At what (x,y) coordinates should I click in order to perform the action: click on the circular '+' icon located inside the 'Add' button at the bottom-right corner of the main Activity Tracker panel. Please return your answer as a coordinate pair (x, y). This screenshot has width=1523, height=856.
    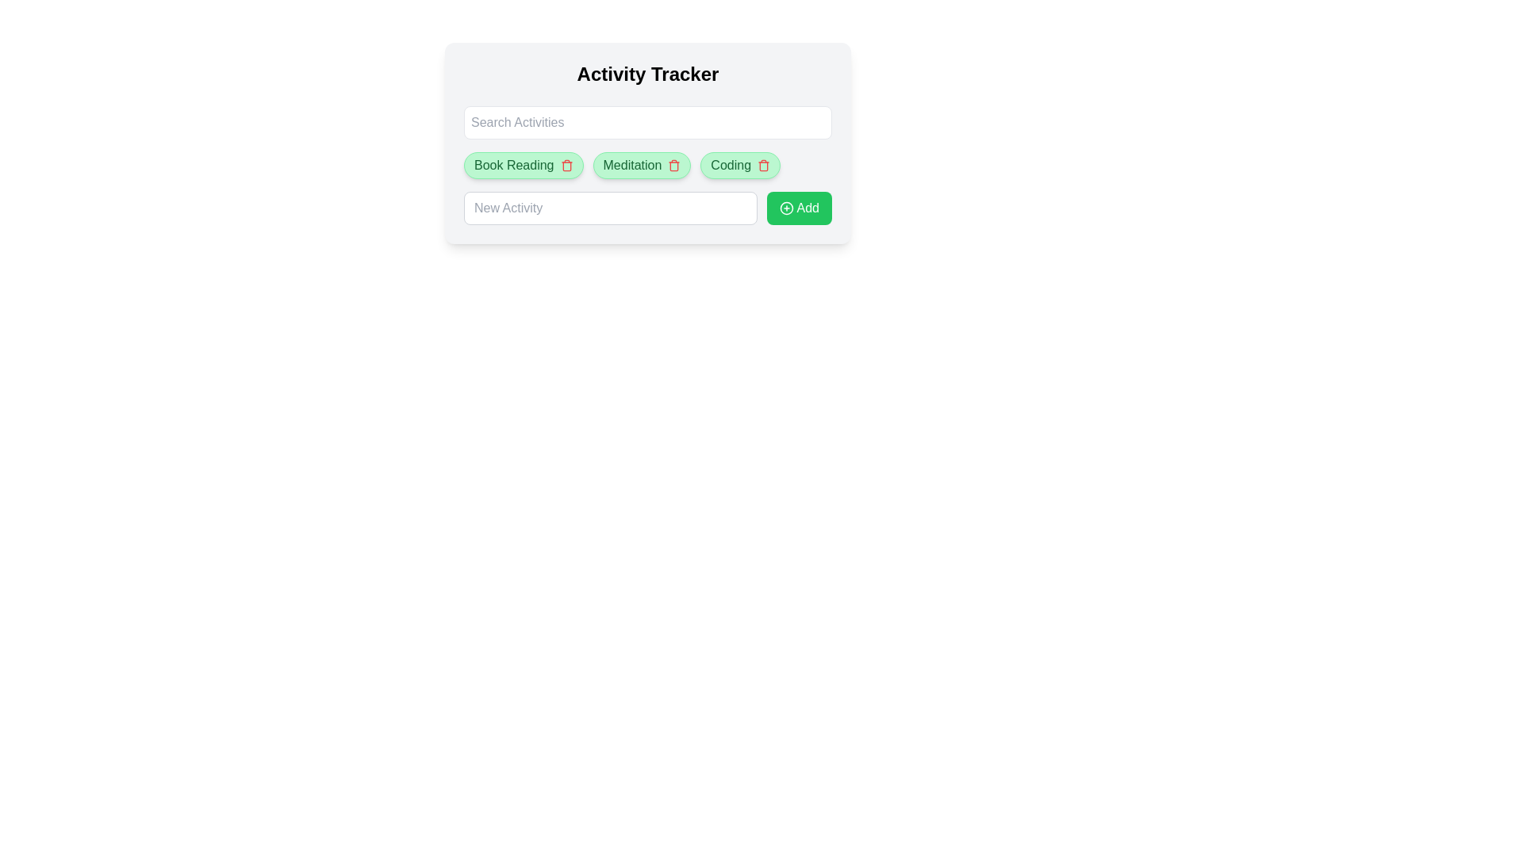
    Looking at the image, I should click on (786, 207).